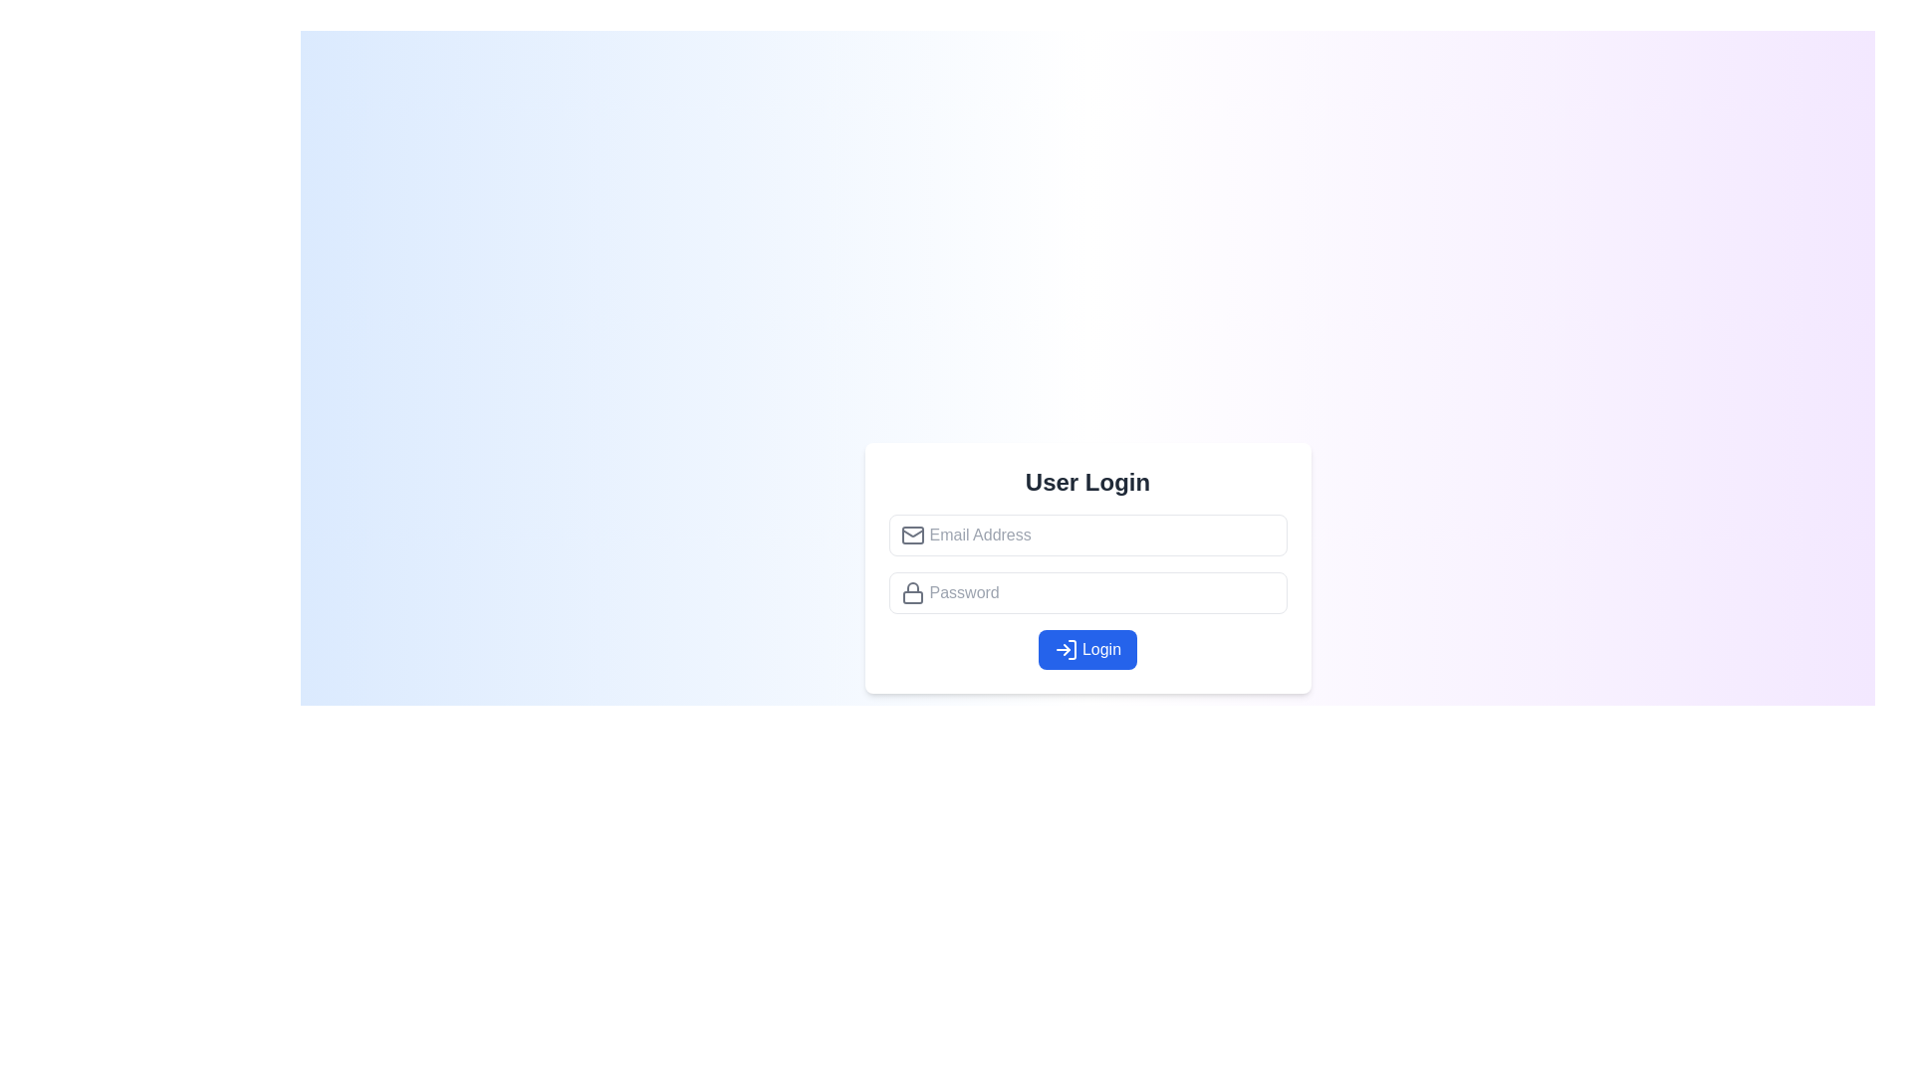 This screenshot has height=1075, width=1912. Describe the element at coordinates (1065, 649) in the screenshot. I see `the blue 'Login' button with white text and a left-pointing arrow icon to trigger the hover effect` at that location.